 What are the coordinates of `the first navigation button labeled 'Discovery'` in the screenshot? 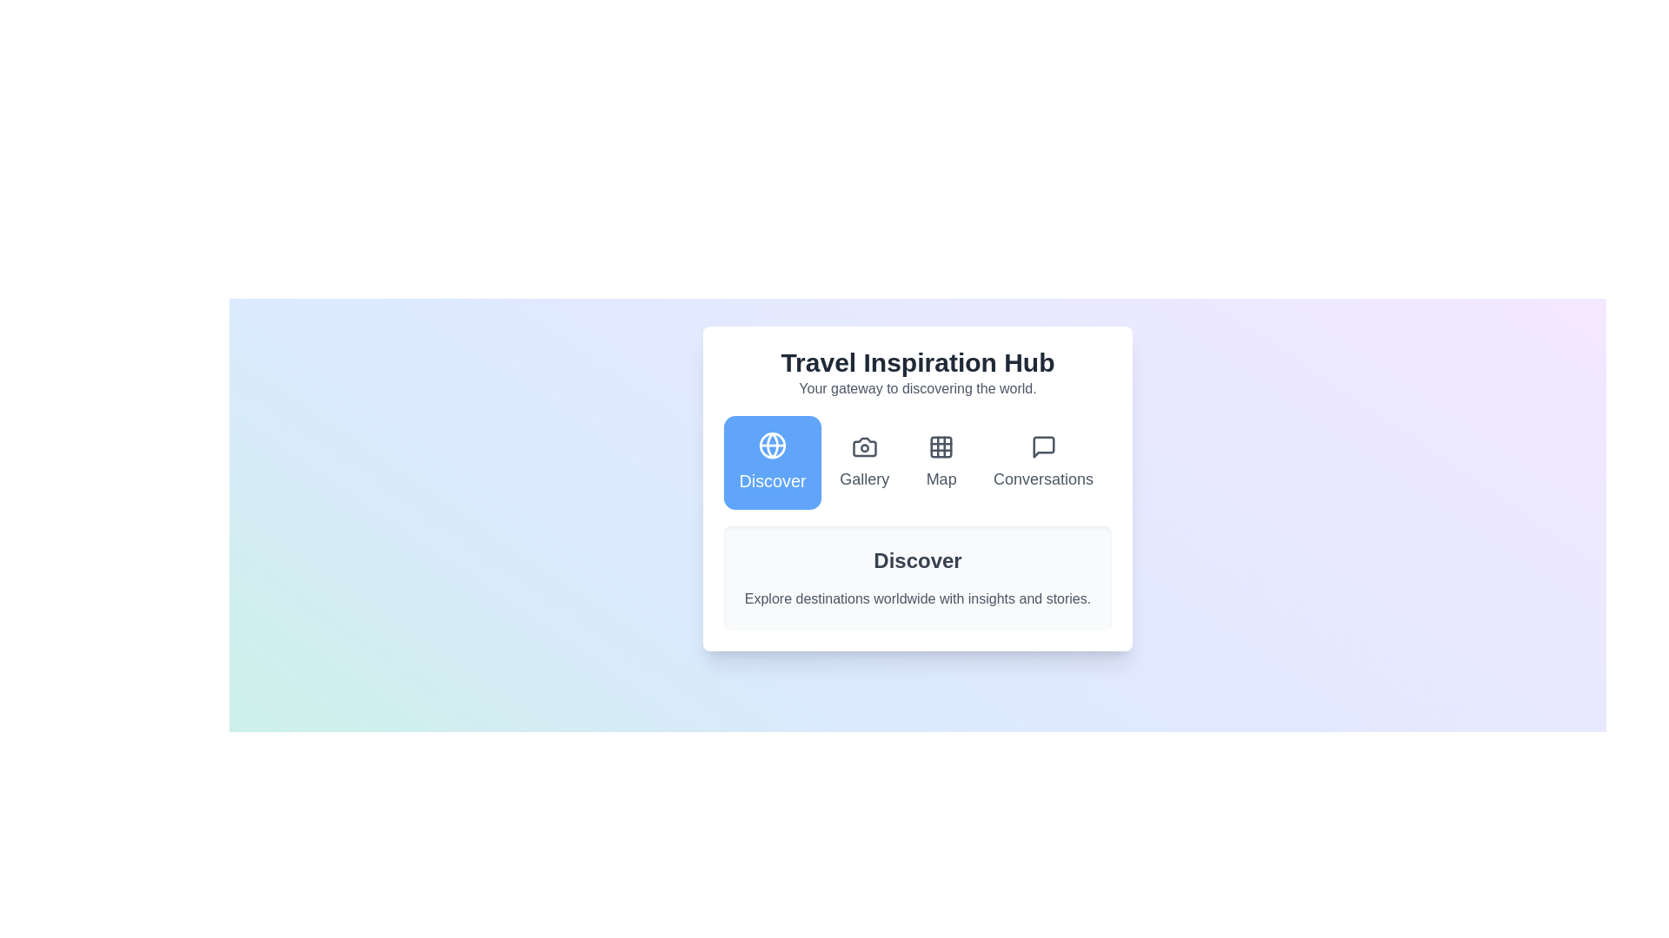 It's located at (771, 461).